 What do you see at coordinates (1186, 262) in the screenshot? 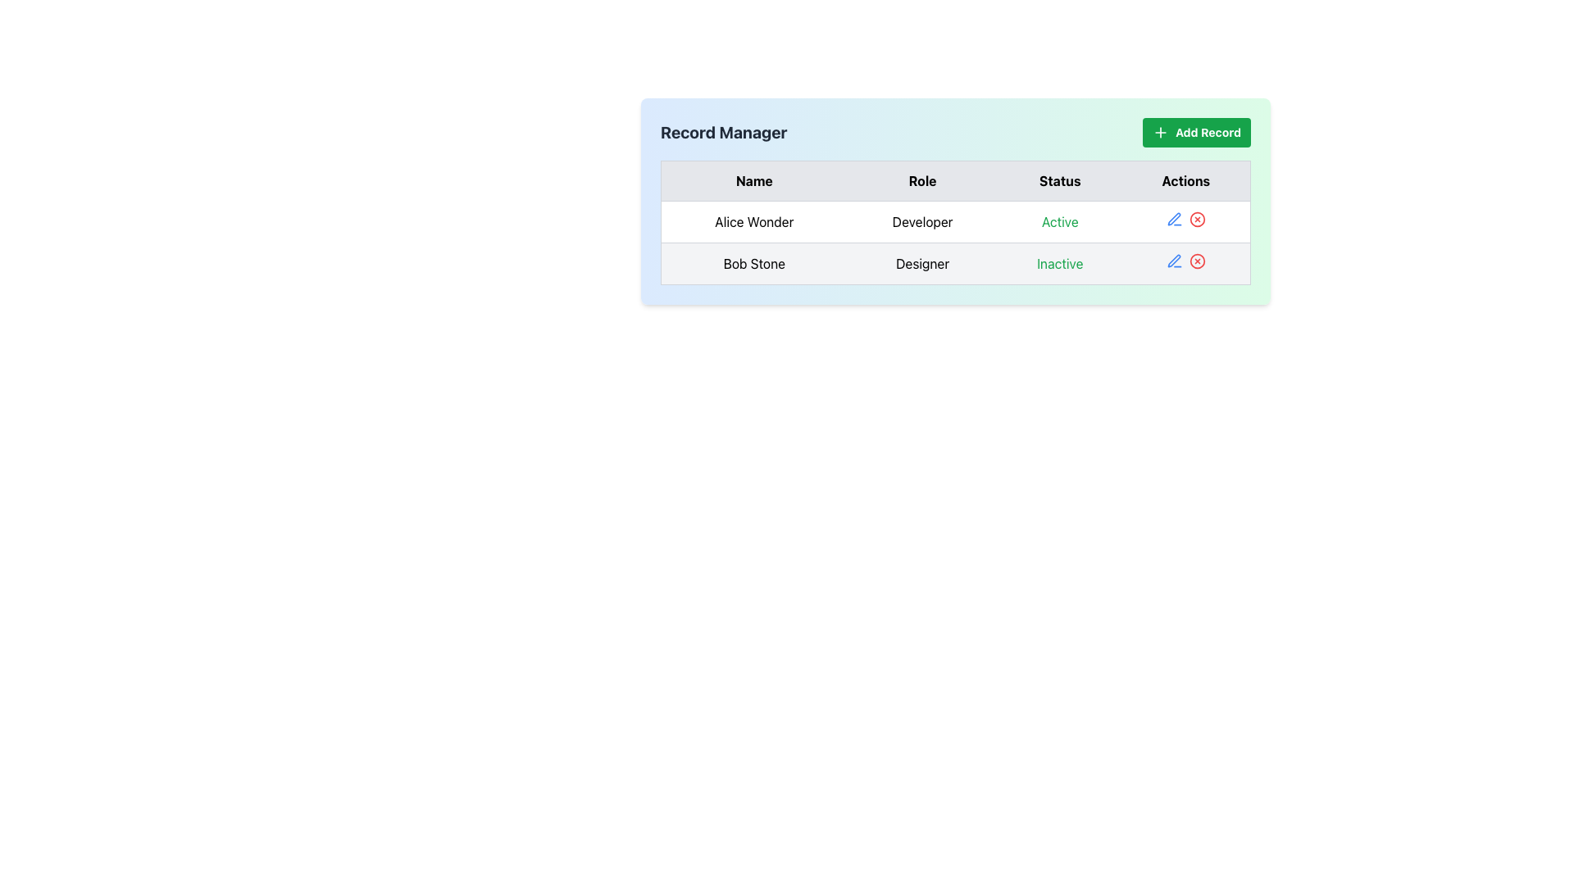
I see `the edit icon (blue pencil) in the 'Actions' column for the row corresponding to 'Bob Stone' in the table` at bounding box center [1186, 262].